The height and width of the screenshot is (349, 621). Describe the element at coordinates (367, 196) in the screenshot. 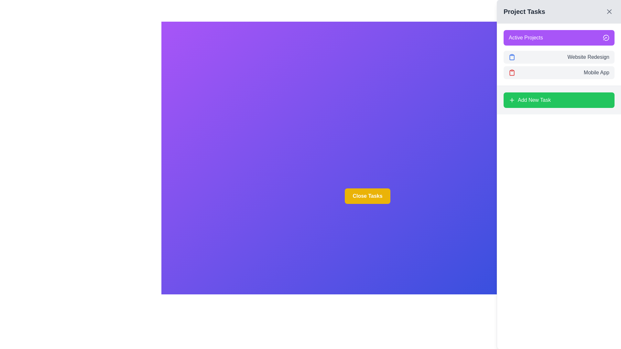

I see `the 'Close Tasks' button, which has a yellow background and white bold text, to observe the color change effect` at that location.